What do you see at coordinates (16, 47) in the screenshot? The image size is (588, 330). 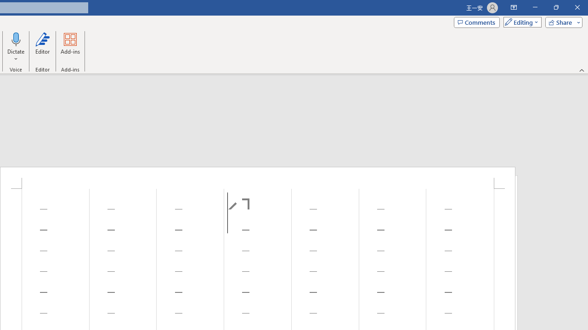 I see `'Dictate'` at bounding box center [16, 47].